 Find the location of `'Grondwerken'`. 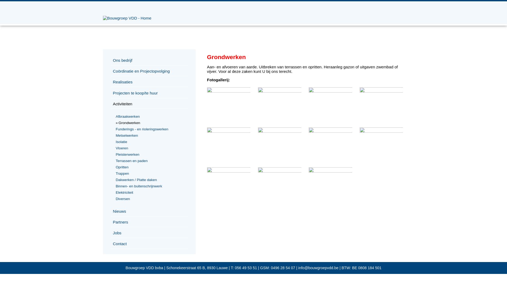

'Grondwerken' is located at coordinates (309, 171).